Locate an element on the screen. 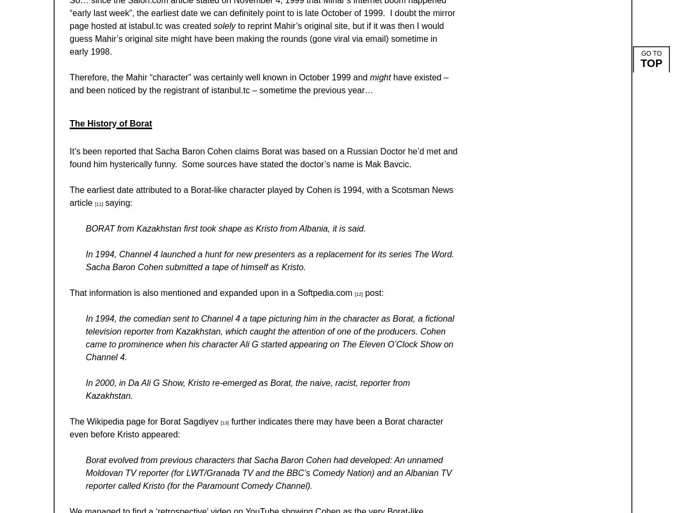 The height and width of the screenshot is (513, 686). 'In 1994, the comedian sent to Channel 4 a tape picturing him in the character as Borat, a fictional television reporter from Kazakhstan, which caught the attention of one of the producers. Cohen came to prominence when his character Ali G started appearing on The Eleven O’Clock Show on Channel 4.' is located at coordinates (270, 337).